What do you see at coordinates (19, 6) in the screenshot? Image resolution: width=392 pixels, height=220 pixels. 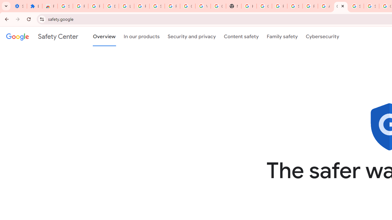 I see `'Settings - On startup'` at bounding box center [19, 6].